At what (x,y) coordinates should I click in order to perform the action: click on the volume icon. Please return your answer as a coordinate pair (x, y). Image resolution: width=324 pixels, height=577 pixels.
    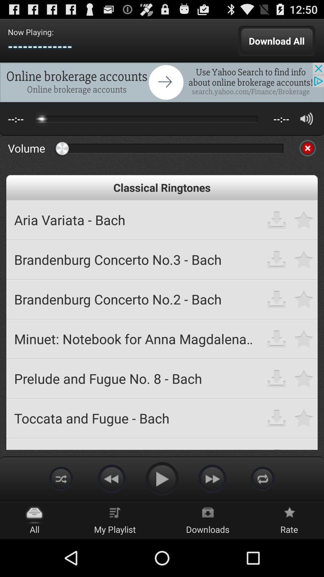
    Looking at the image, I should click on (307, 127).